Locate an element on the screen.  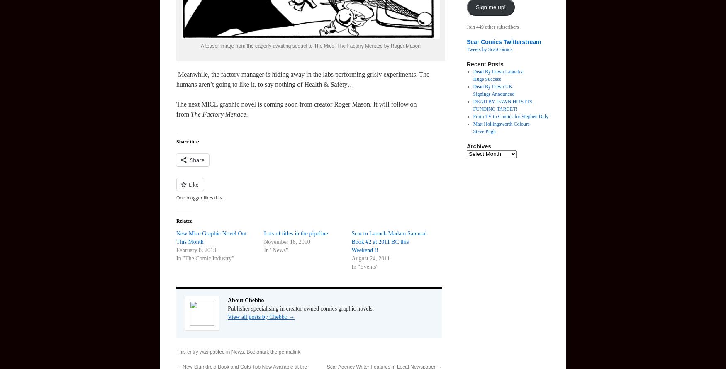
'Archives' is located at coordinates (478, 146).